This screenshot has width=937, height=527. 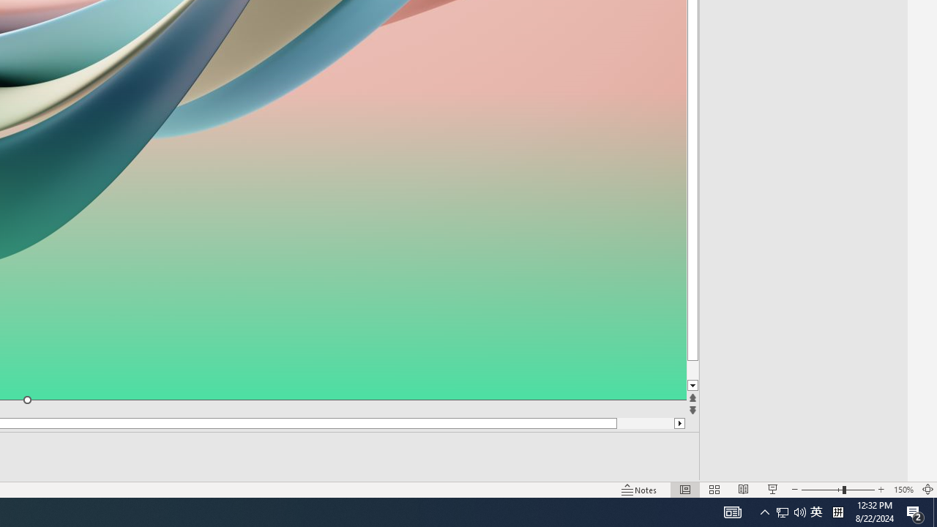 I want to click on 'Normal', so click(x=684, y=490).